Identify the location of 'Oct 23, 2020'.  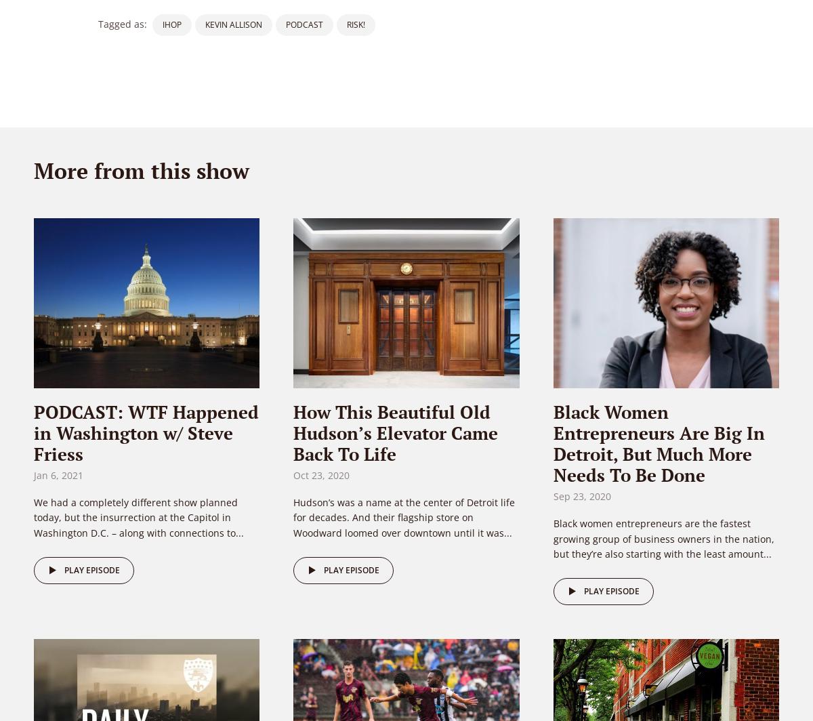
(320, 475).